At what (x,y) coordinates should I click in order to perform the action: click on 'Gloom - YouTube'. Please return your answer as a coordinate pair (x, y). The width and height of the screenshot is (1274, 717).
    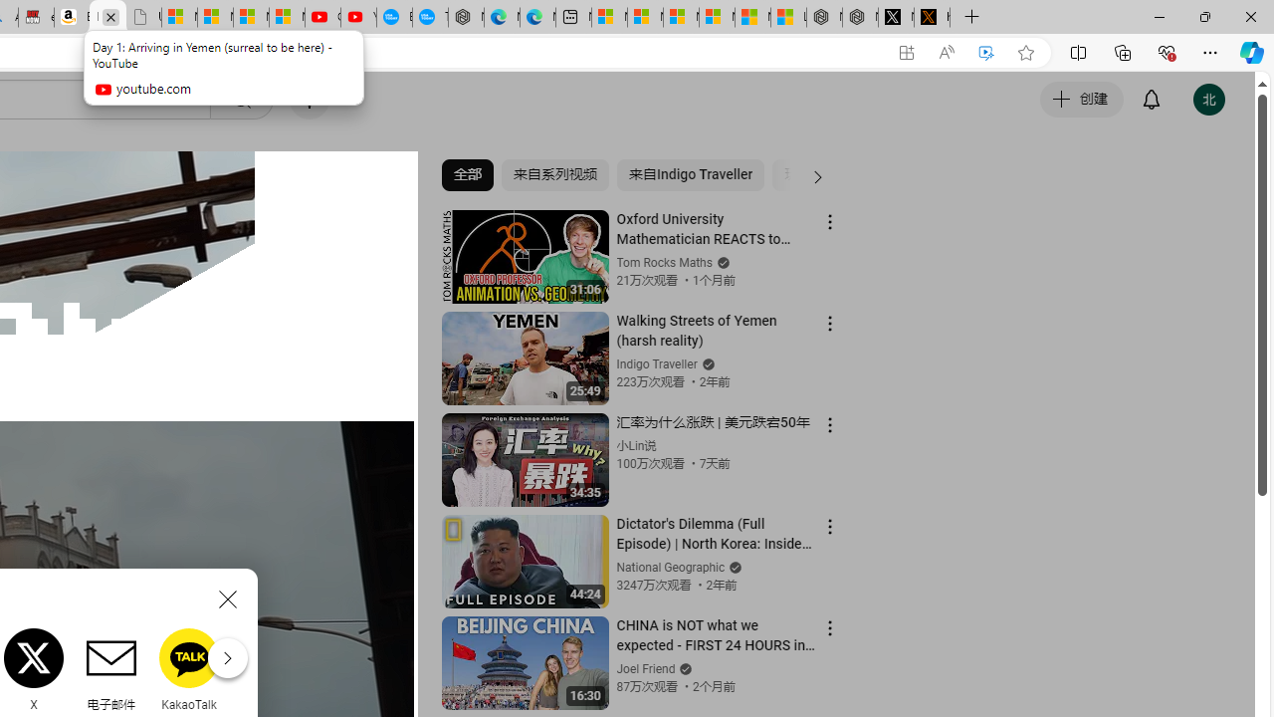
    Looking at the image, I should click on (322, 17).